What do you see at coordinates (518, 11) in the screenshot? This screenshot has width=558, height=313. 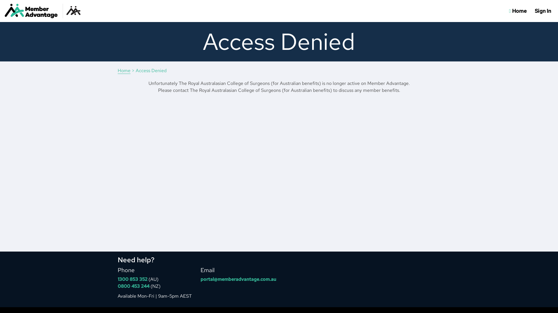 I see `'Home'` at bounding box center [518, 11].